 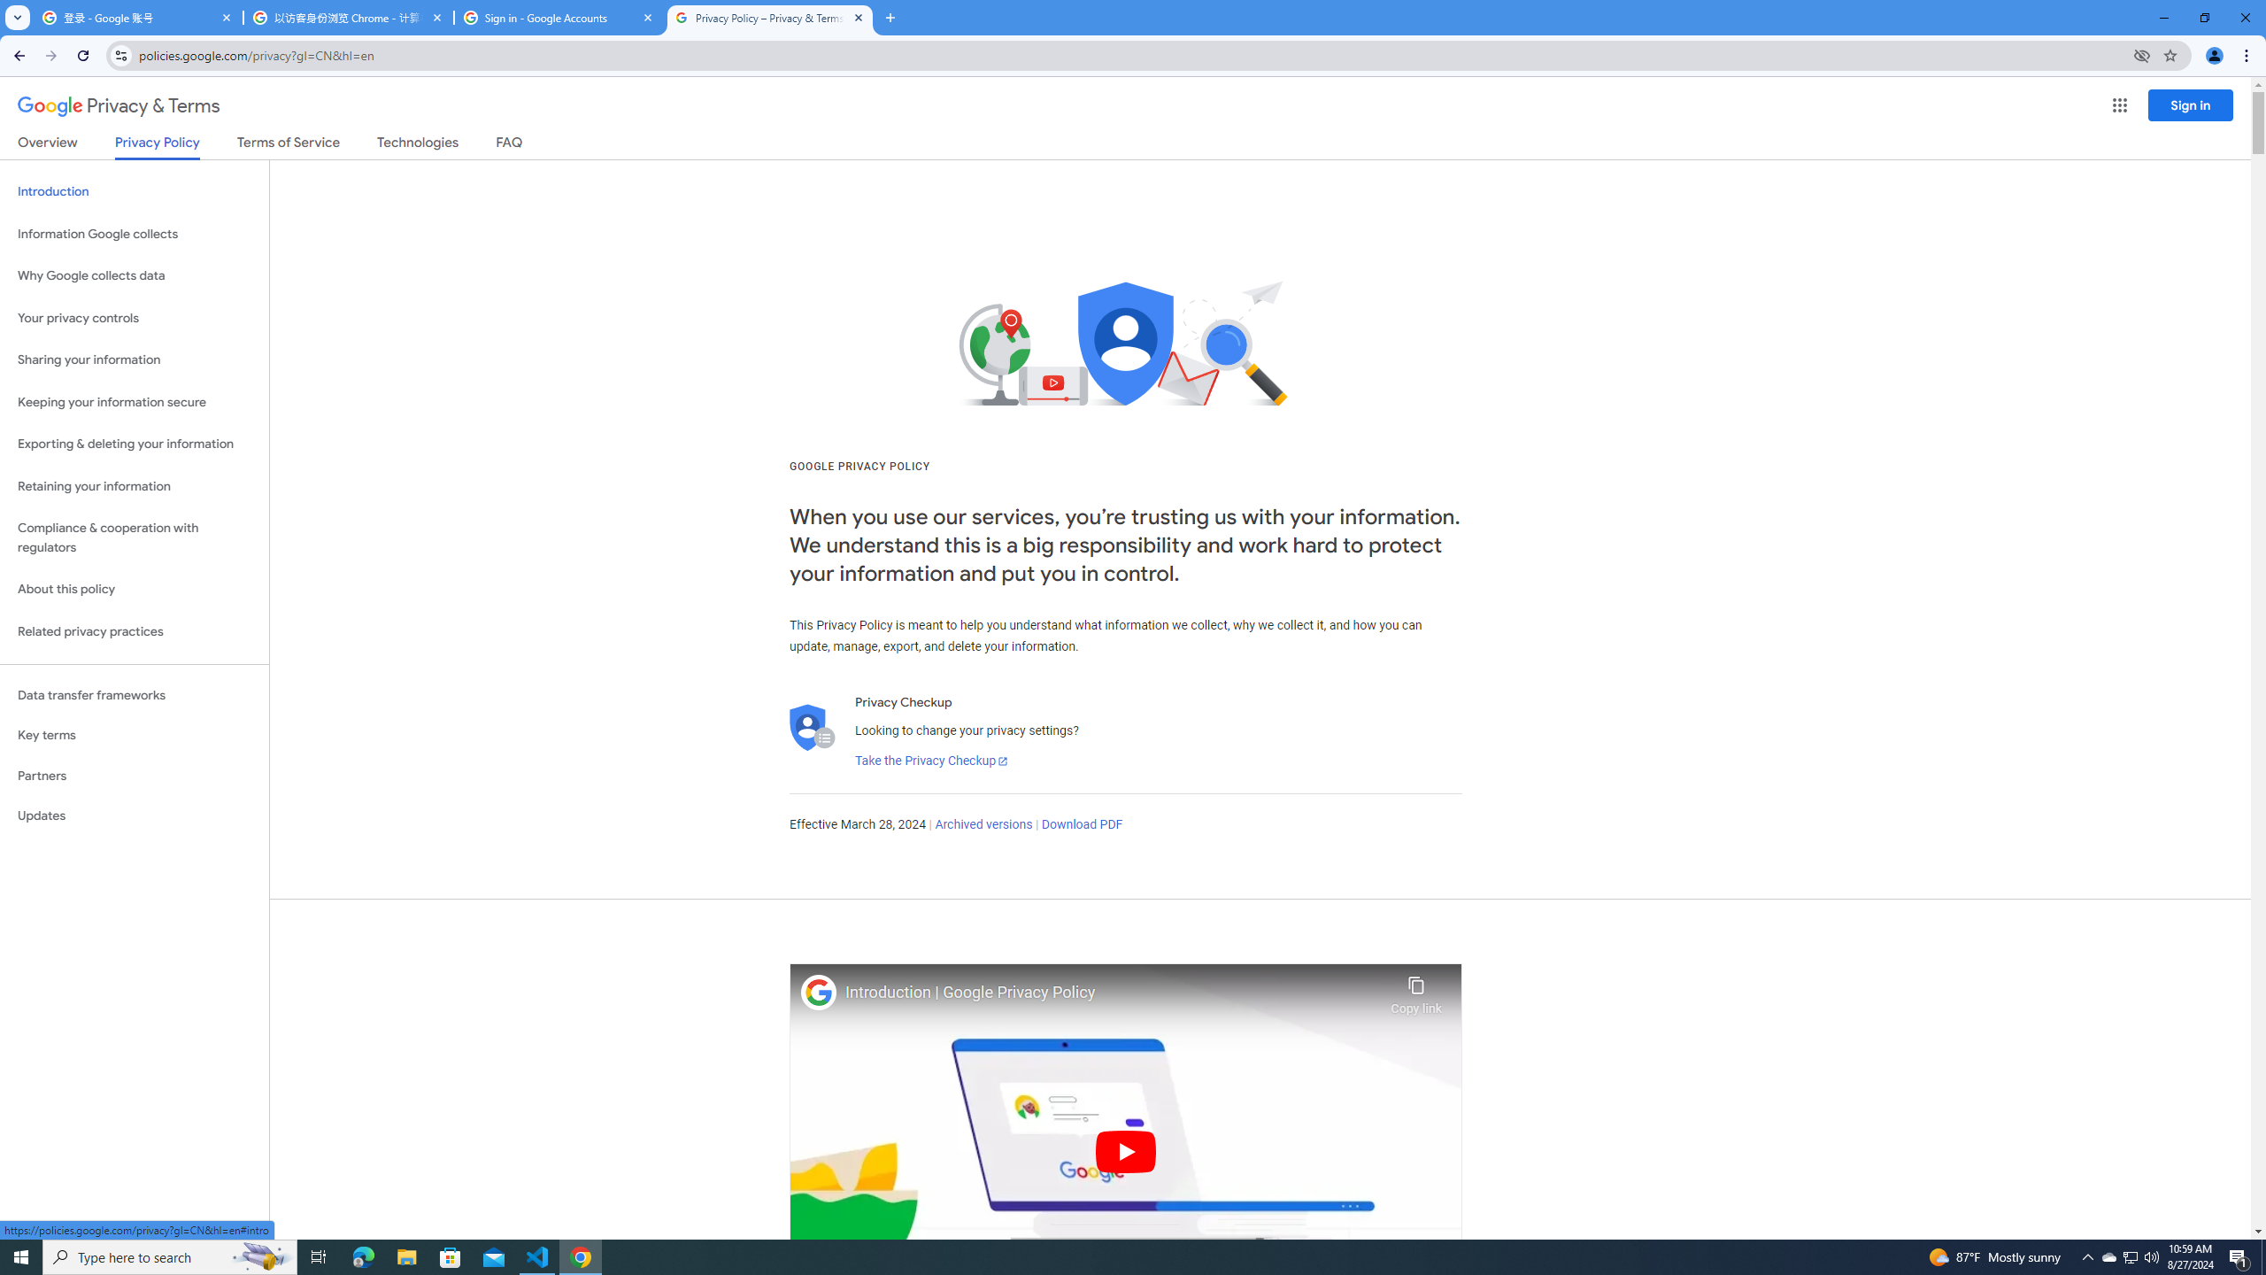 What do you see at coordinates (134, 538) in the screenshot?
I see `'Compliance & cooperation with regulators'` at bounding box center [134, 538].